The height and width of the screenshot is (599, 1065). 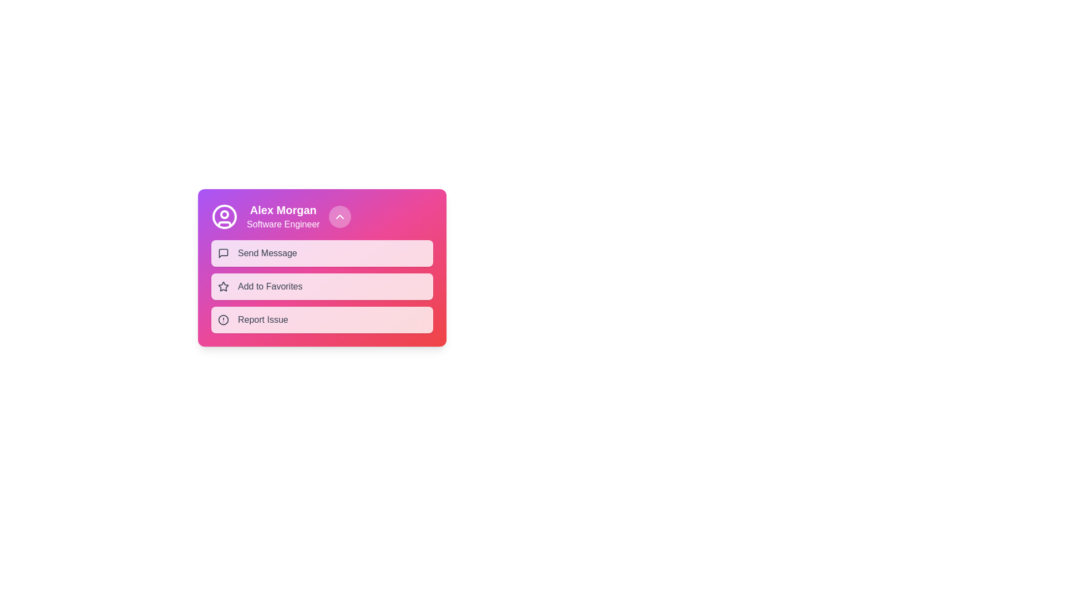 I want to click on the text label displaying 'Software Engineer' within Alex Morgan's profile card, which is located below the name 'Alex Morgan' and has a gradient pink-purple background, so click(x=283, y=225).